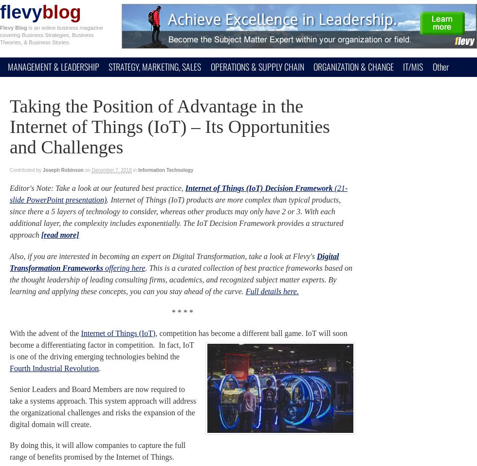 The image size is (477, 466). Describe the element at coordinates (85, 170) in the screenshot. I see `'on'` at that location.